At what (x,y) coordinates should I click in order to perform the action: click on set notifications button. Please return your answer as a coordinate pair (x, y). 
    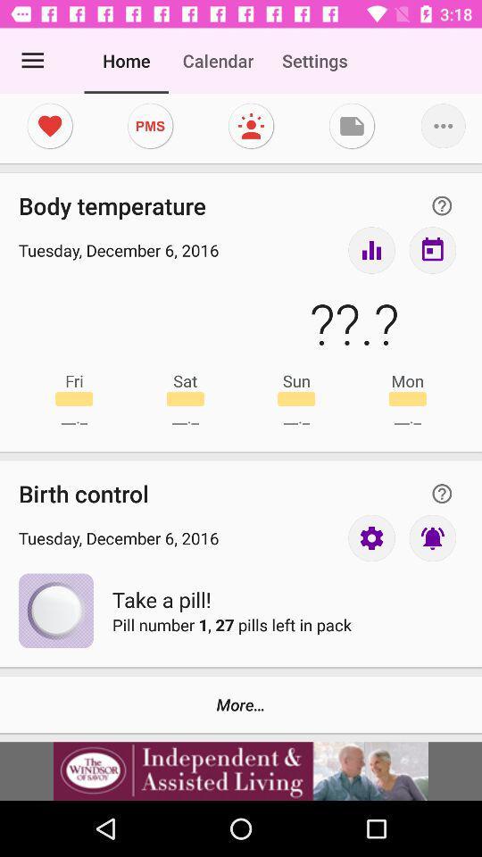
    Looking at the image, I should click on (431, 537).